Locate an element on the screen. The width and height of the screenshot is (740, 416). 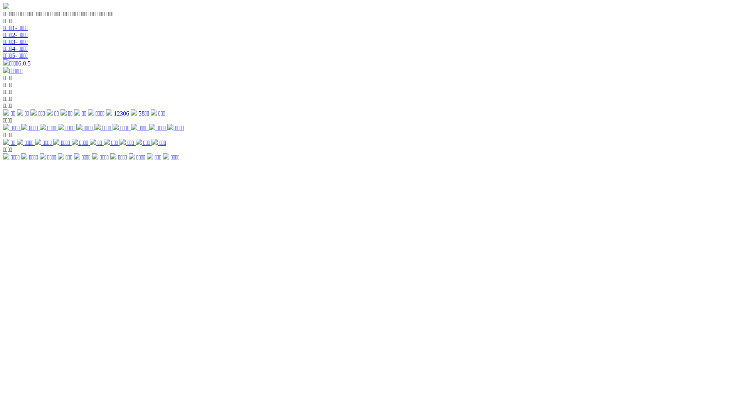
'12306' is located at coordinates (118, 113).